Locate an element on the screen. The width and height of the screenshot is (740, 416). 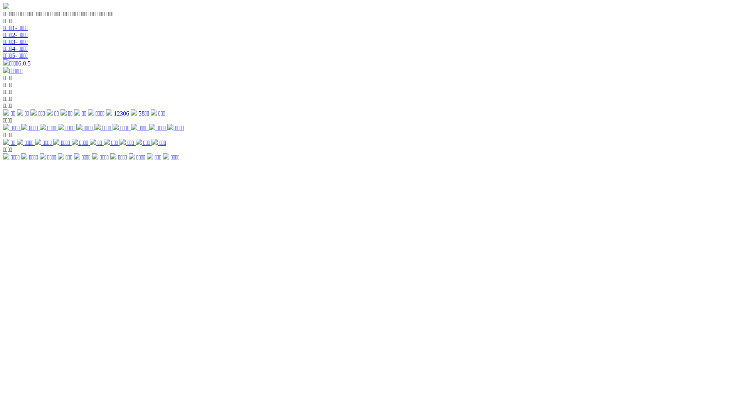
'12306' is located at coordinates (118, 113).